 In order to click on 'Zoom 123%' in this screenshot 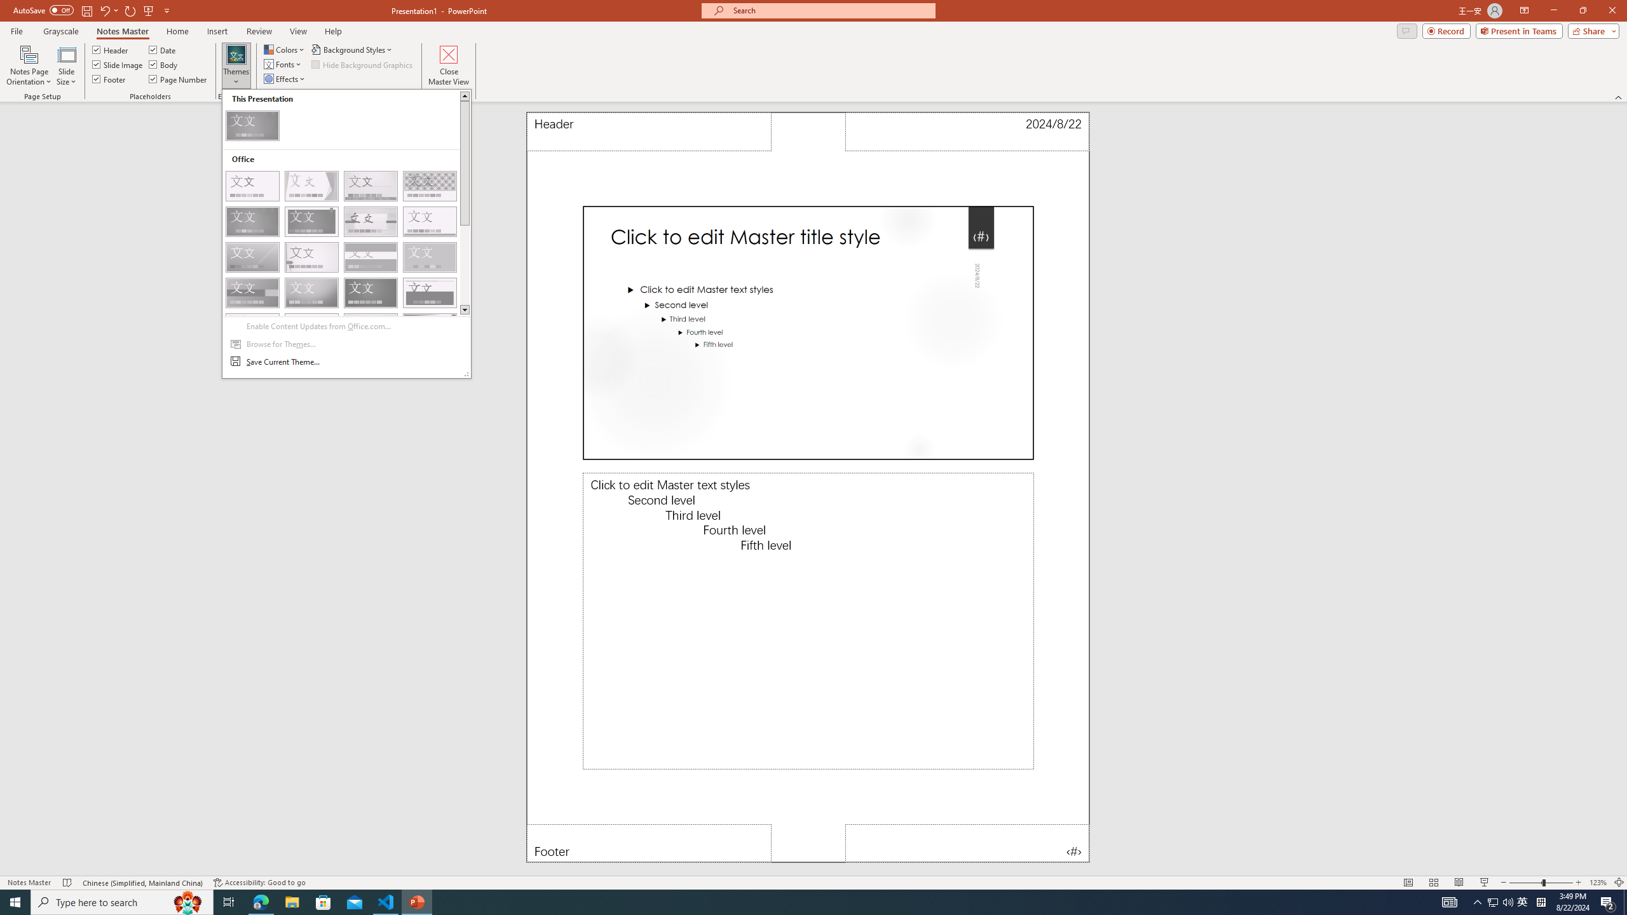, I will do `click(1598, 883)`.